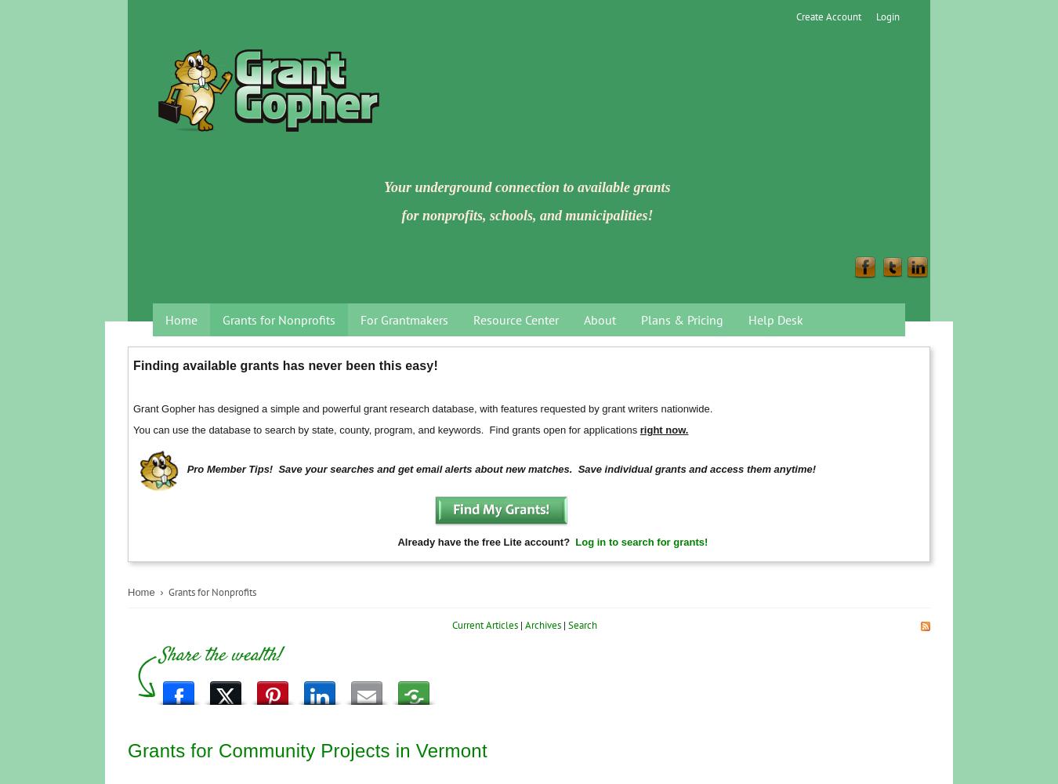 The image size is (1058, 784). Describe the element at coordinates (307, 749) in the screenshot. I see `'Grants for Community Projects in Vermont'` at that location.